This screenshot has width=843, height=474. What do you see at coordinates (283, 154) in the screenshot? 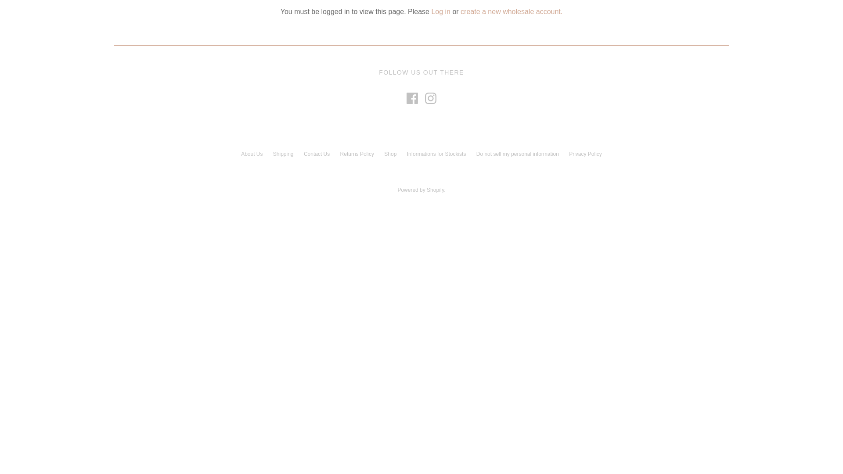
I see `'Shipping'` at bounding box center [283, 154].